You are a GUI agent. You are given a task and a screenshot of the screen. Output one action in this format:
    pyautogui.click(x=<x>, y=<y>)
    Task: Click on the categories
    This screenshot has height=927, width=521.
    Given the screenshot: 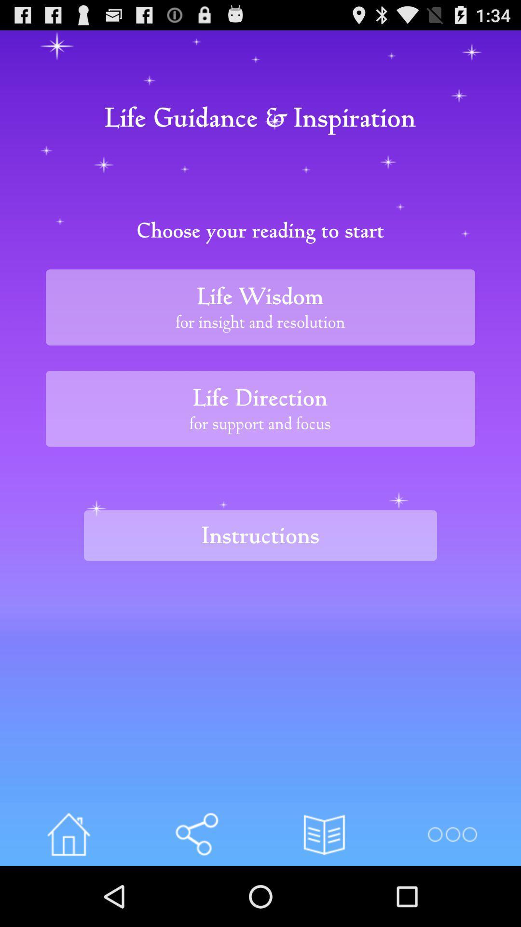 What is the action you would take?
    pyautogui.click(x=452, y=834)
    